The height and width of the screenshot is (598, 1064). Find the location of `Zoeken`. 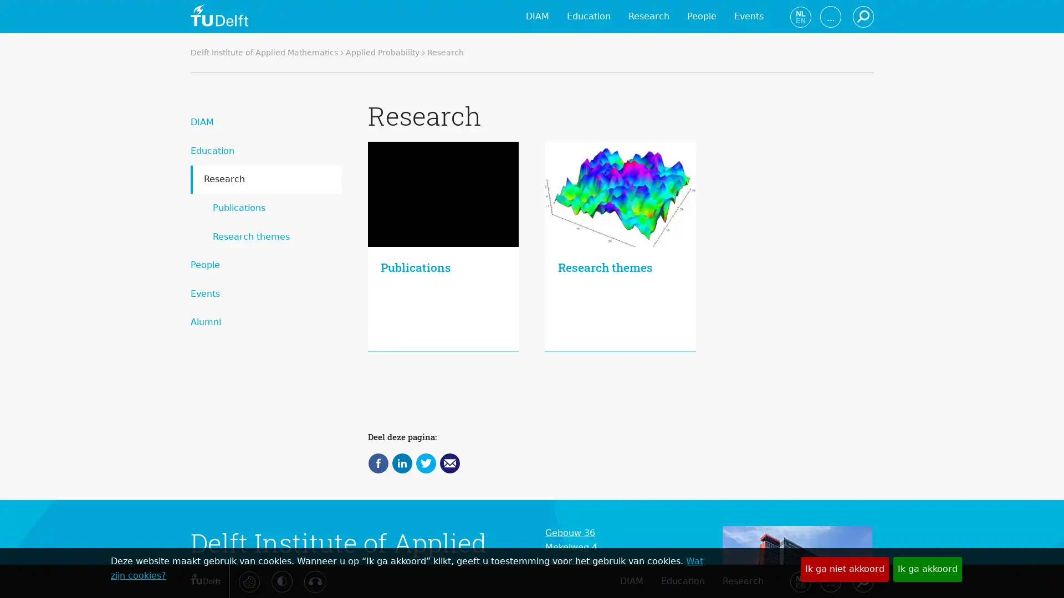

Zoeken is located at coordinates (862, 580).